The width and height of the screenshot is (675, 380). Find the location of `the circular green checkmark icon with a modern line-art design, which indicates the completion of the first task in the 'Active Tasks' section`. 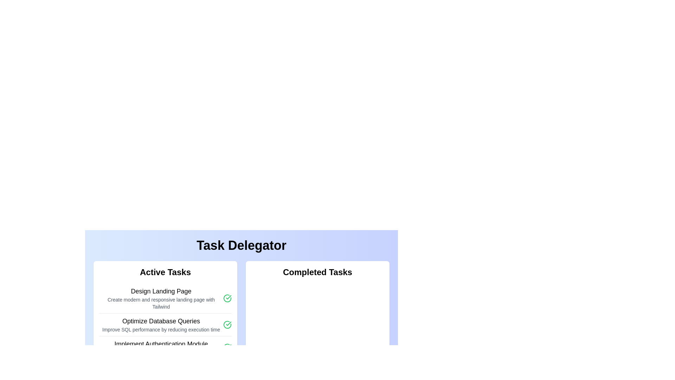

the circular green checkmark icon with a modern line-art design, which indicates the completion of the first task in the 'Active Tasks' section is located at coordinates (227, 298).